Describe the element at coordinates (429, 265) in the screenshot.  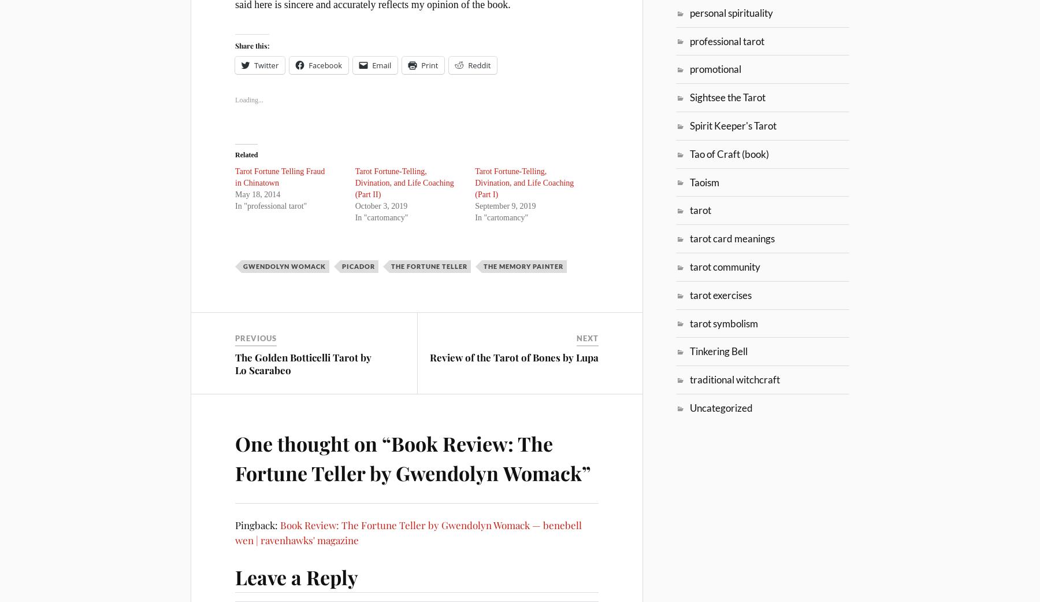
I see `'The Fortune Teller'` at that location.